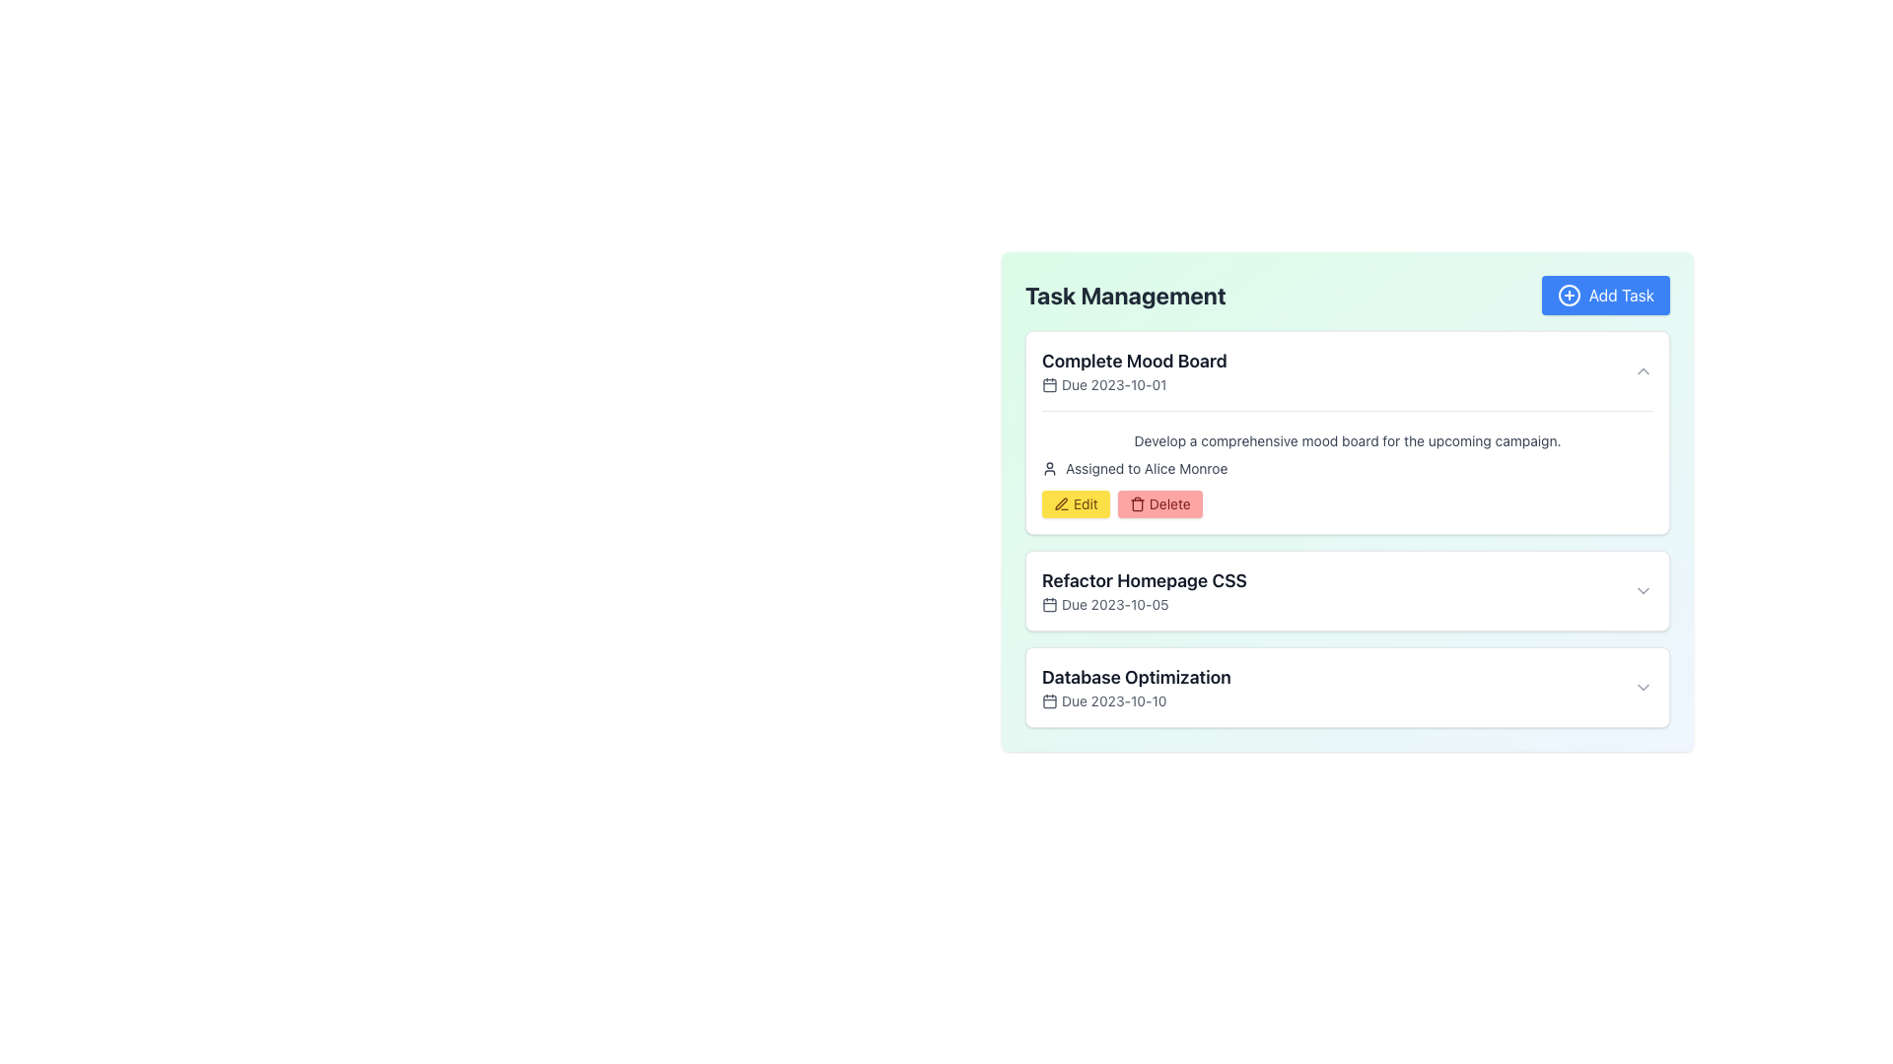  I want to click on the blue rounded button labeled 'Add Task' in the top-right corner of the 'Task Management' section, so click(1605, 296).